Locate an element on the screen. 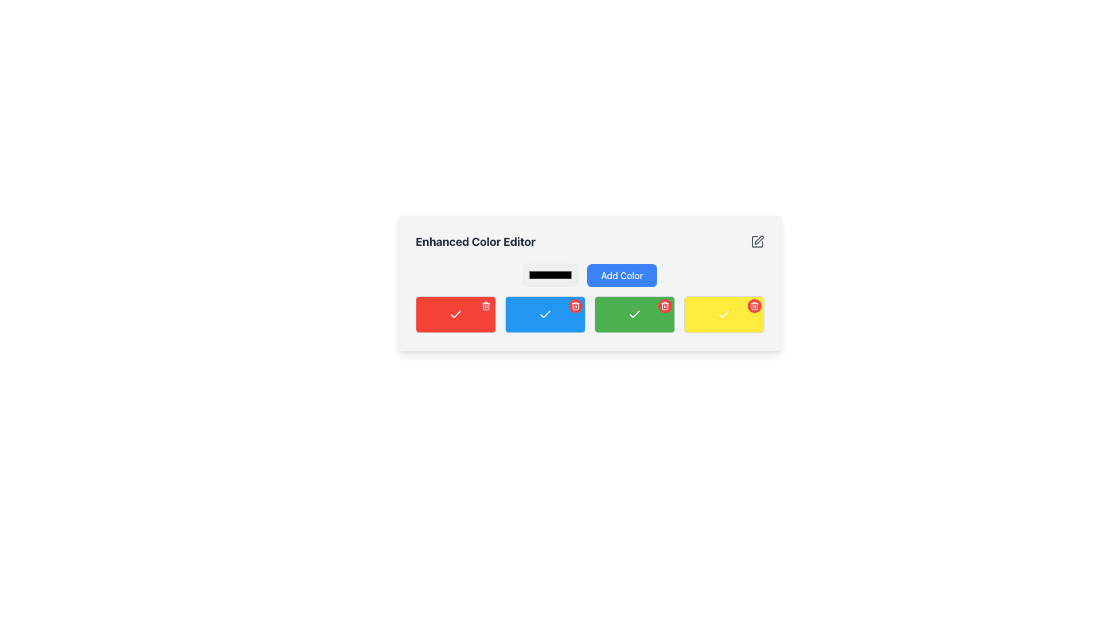 Image resolution: width=1101 pixels, height=619 pixels. the confirmation icon located within the blue square button, which is the second button in a row of four color-coded buttons in the color editor panel is located at coordinates (544, 314).